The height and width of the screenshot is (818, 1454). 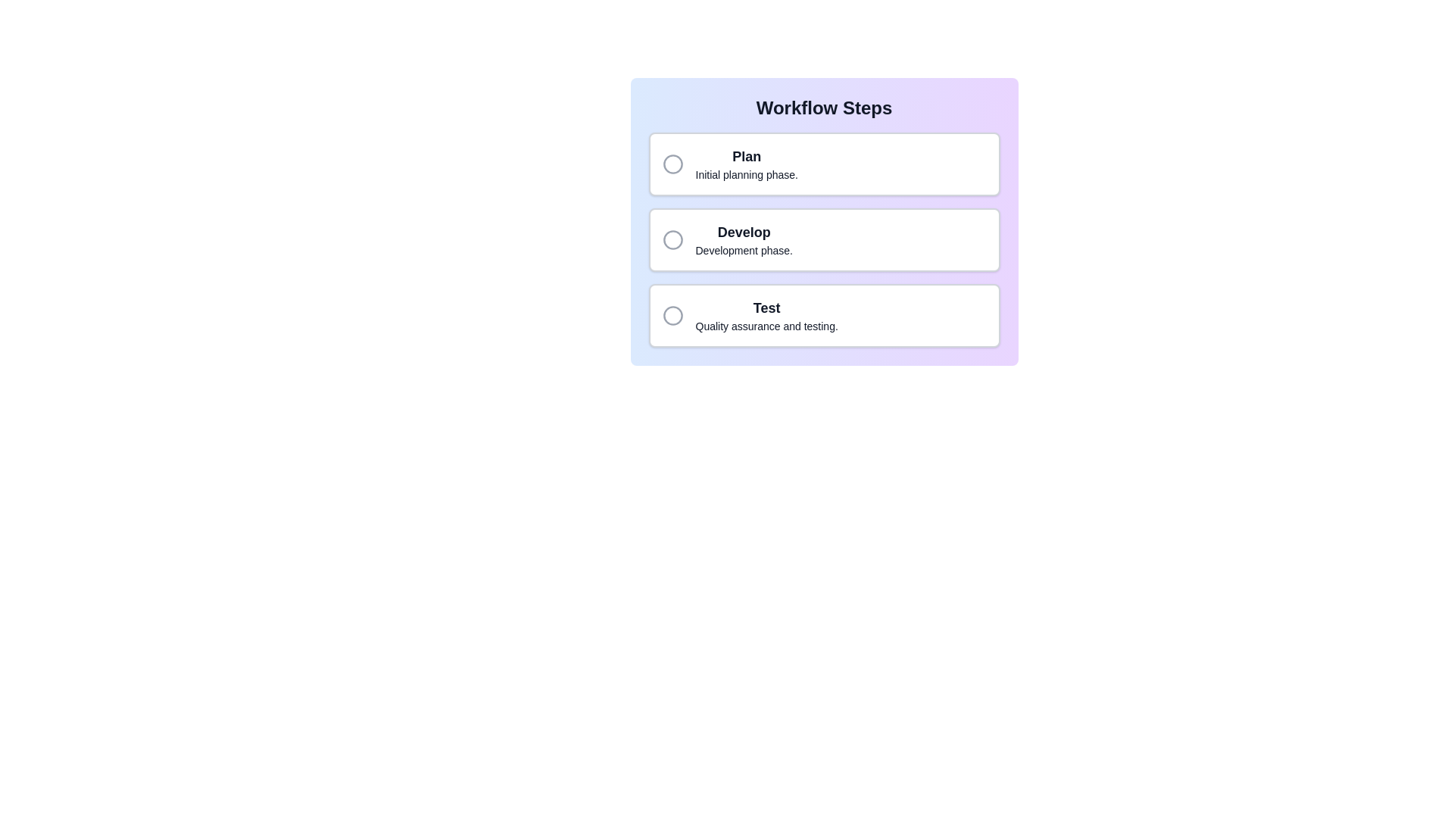 What do you see at coordinates (766, 314) in the screenshot?
I see `text content located in the third selectable option of a vertical list of workflow steps, which contains the words 'Test' in bold and 'Quality assurance and testing.' as a subheading` at bounding box center [766, 314].